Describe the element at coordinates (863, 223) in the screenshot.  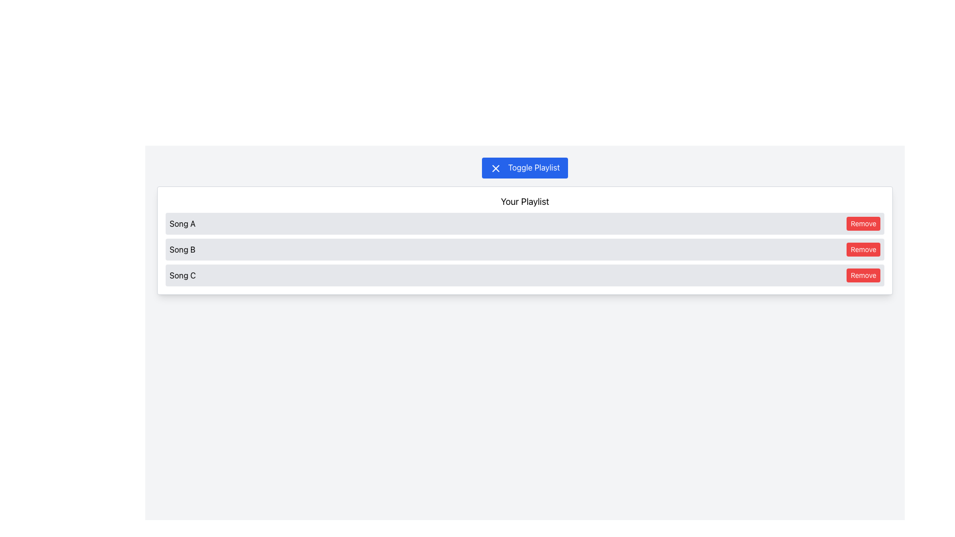
I see `the rounded rectangular button with a red background and white text that says 'Remove'` at that location.